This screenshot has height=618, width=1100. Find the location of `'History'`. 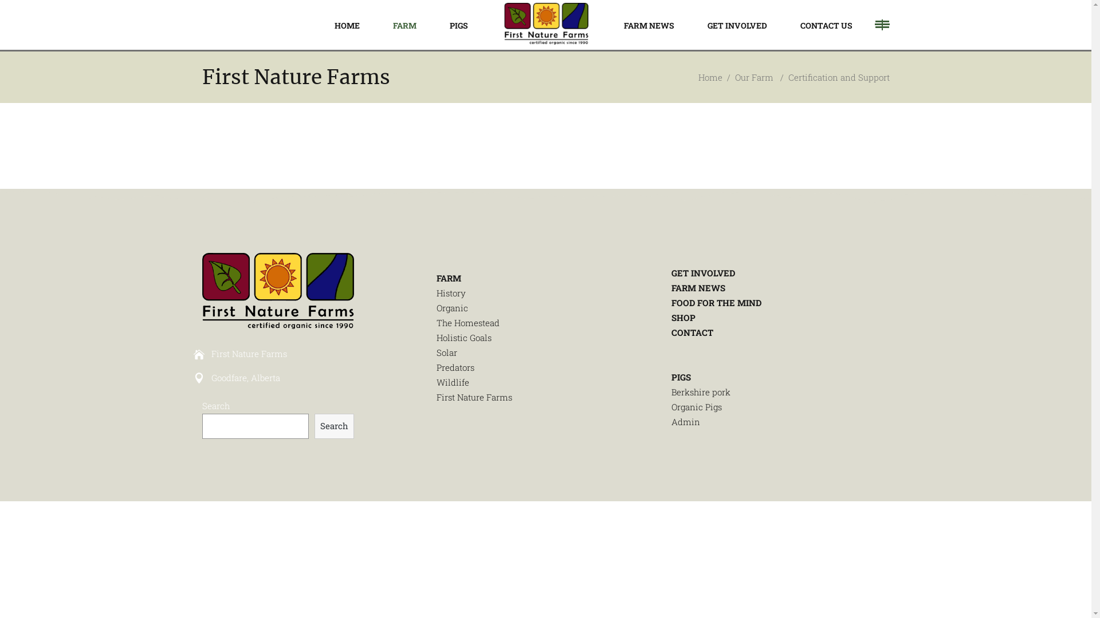

'History' is located at coordinates (450, 292).